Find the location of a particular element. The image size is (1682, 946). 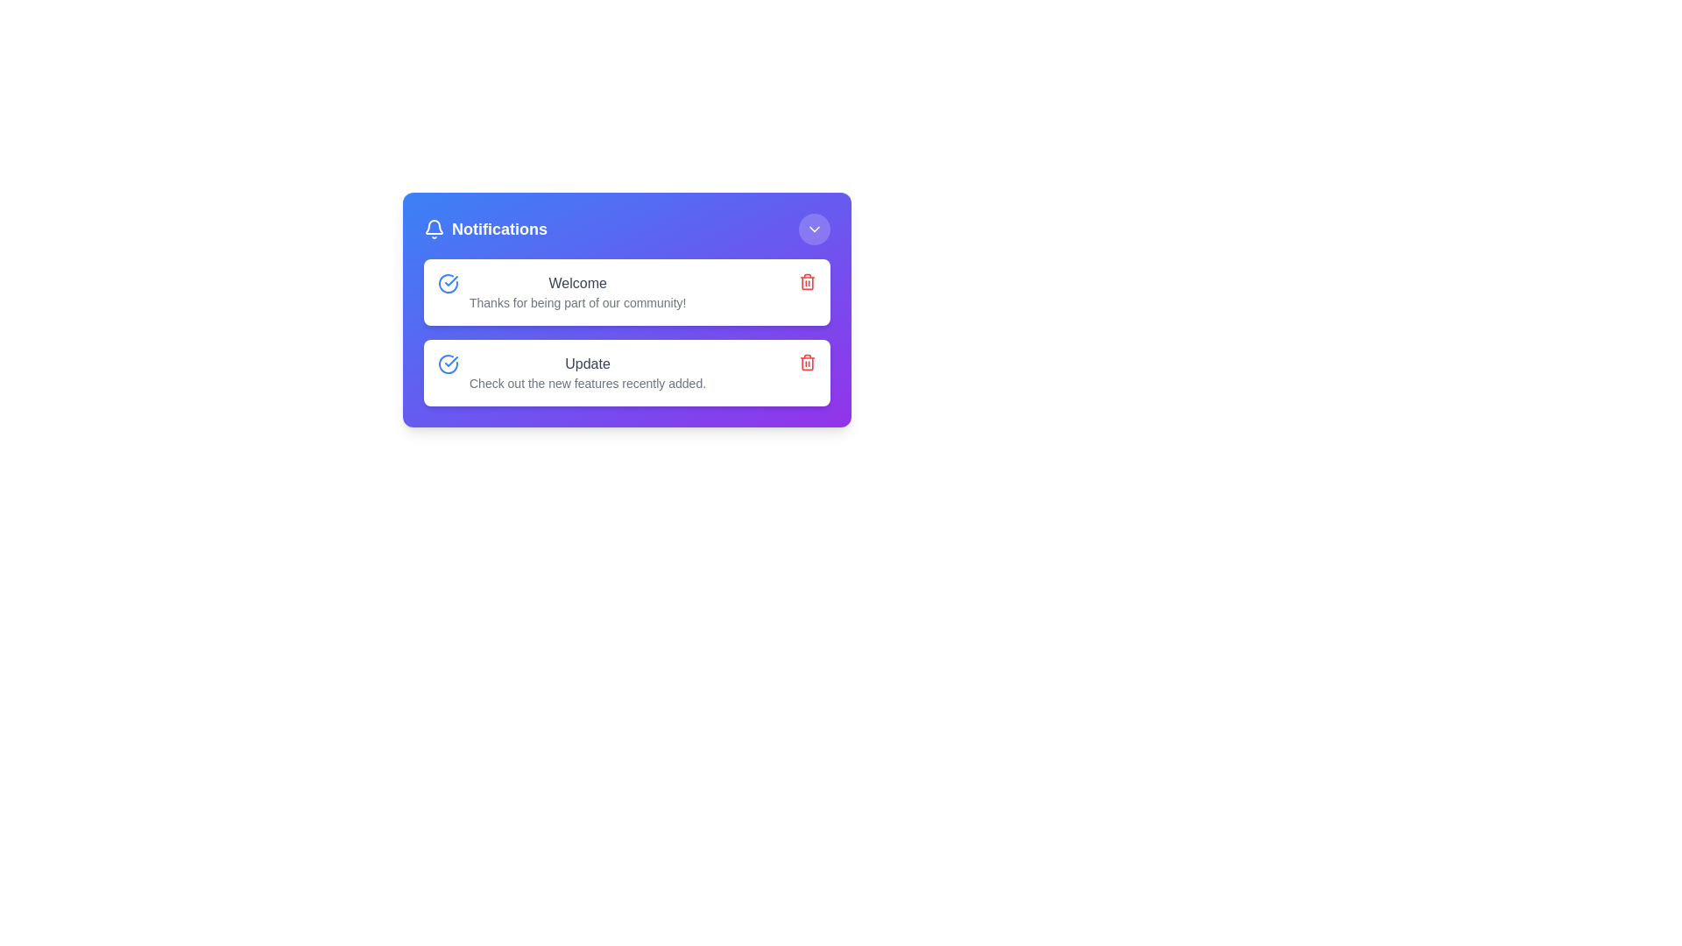

the bell icon indicating notifications, located adjacent to the 'Notifications' text in the header of the notification panel is located at coordinates (434, 229).